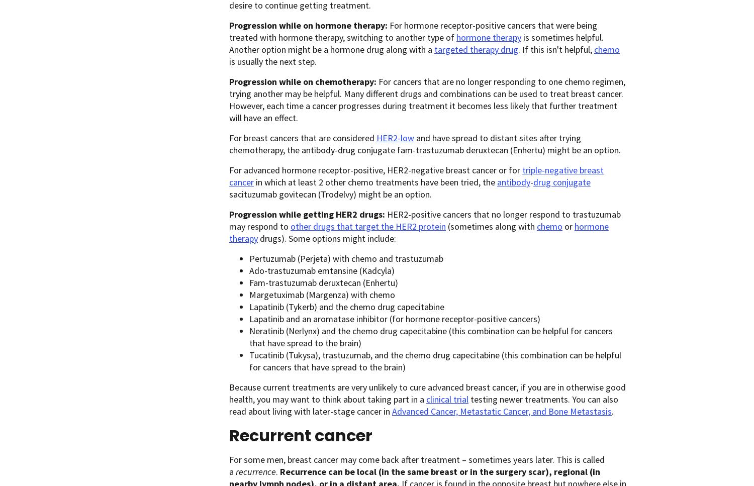 This screenshot has width=754, height=486. I want to click on 'HER2-low', so click(395, 137).